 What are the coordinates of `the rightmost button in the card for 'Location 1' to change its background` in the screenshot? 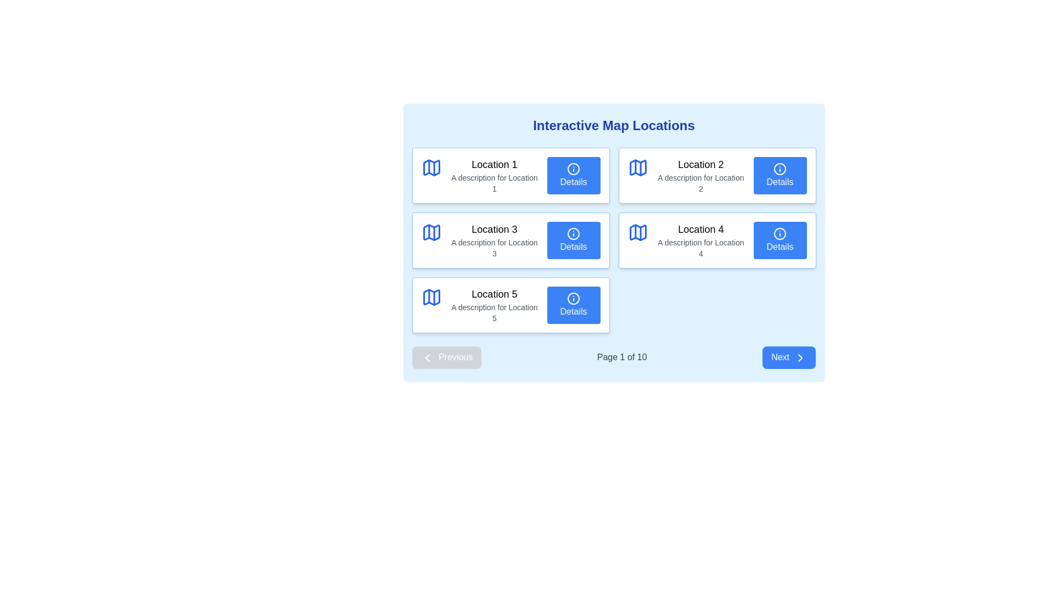 It's located at (573, 175).